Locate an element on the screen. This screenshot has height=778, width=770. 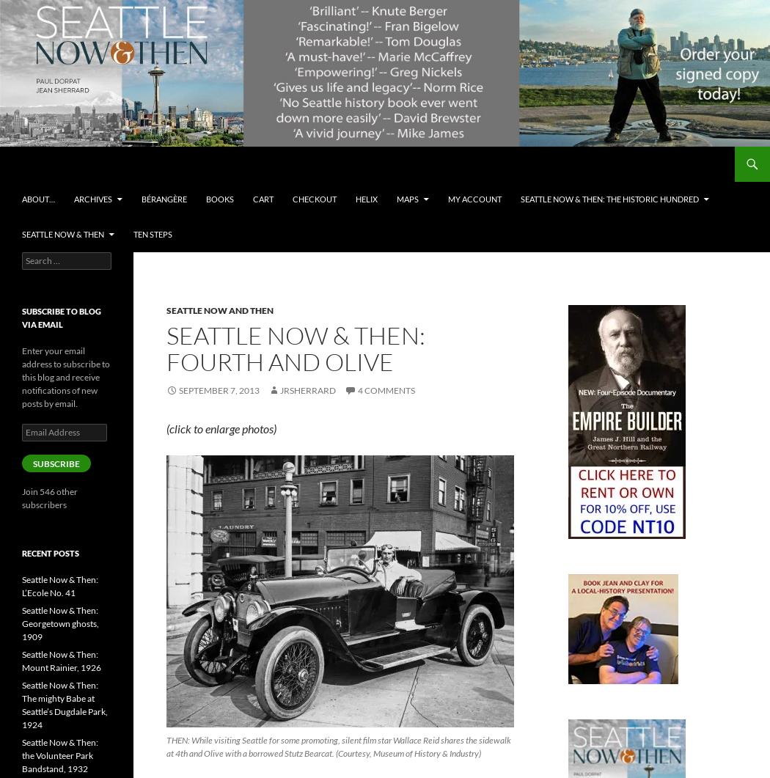
'jrsherrard' is located at coordinates (306, 389).